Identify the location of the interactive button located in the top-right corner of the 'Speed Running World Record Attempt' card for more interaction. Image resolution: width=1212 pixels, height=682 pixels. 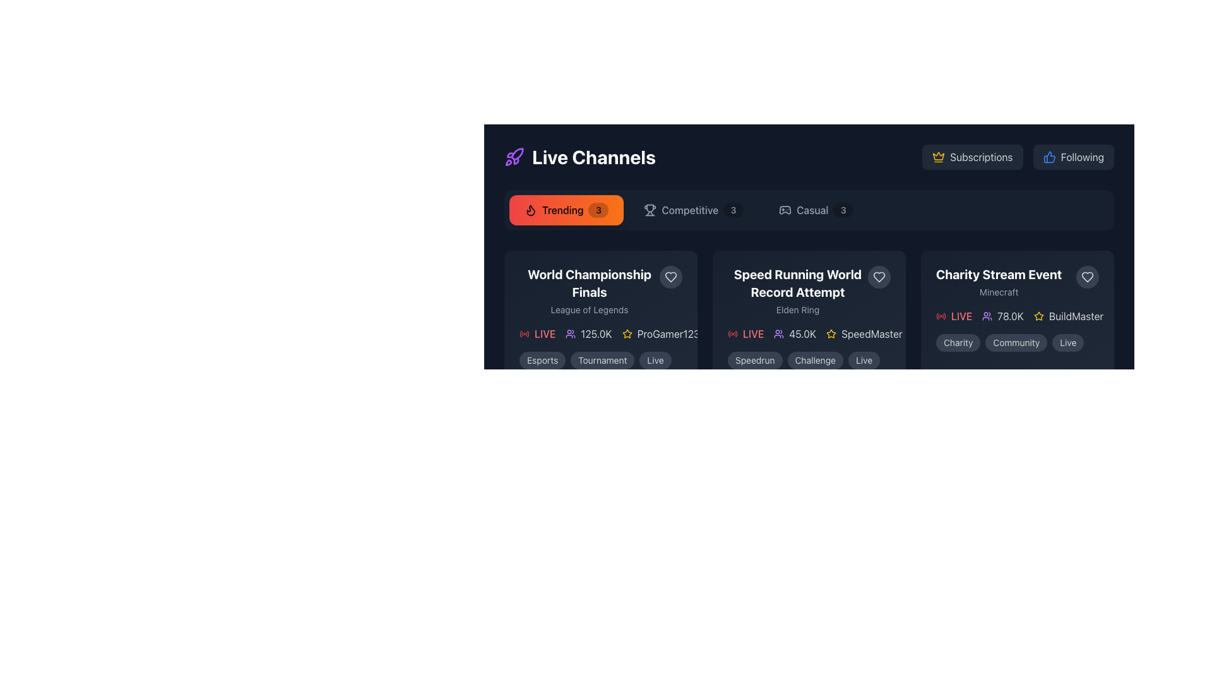
(878, 277).